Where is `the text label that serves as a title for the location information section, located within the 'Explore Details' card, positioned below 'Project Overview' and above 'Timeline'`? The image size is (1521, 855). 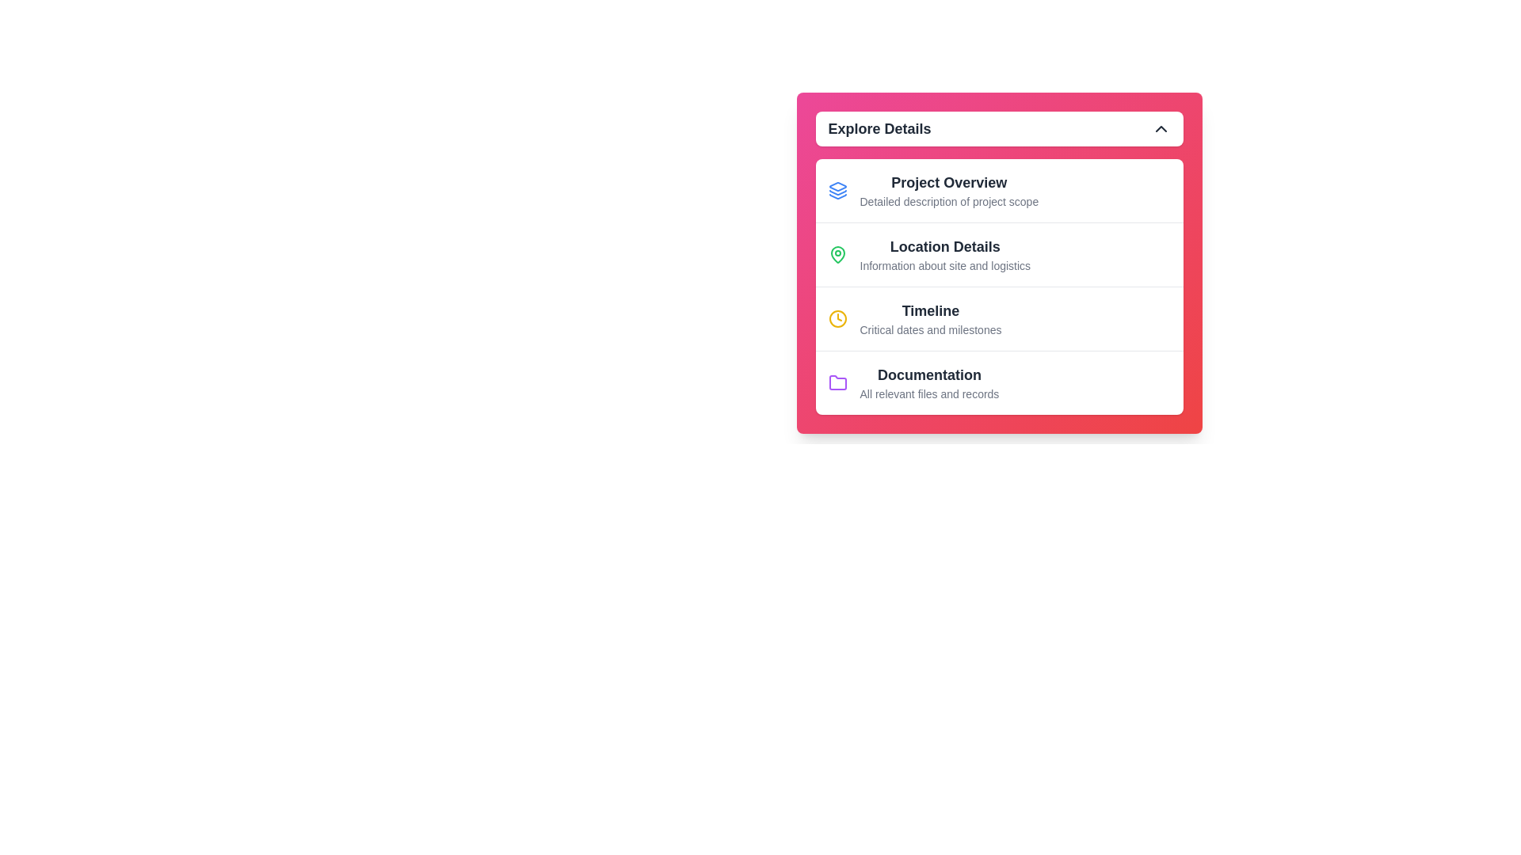
the text label that serves as a title for the location information section, located within the 'Explore Details' card, positioned below 'Project Overview' and above 'Timeline' is located at coordinates (945, 247).